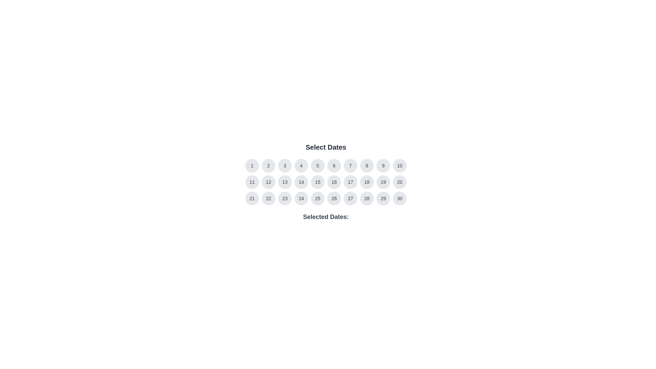 This screenshot has height=369, width=656. I want to click on the circular button containing the number '16' with a light gray background to trigger a tooltip or highlight effect, so click(334, 181).